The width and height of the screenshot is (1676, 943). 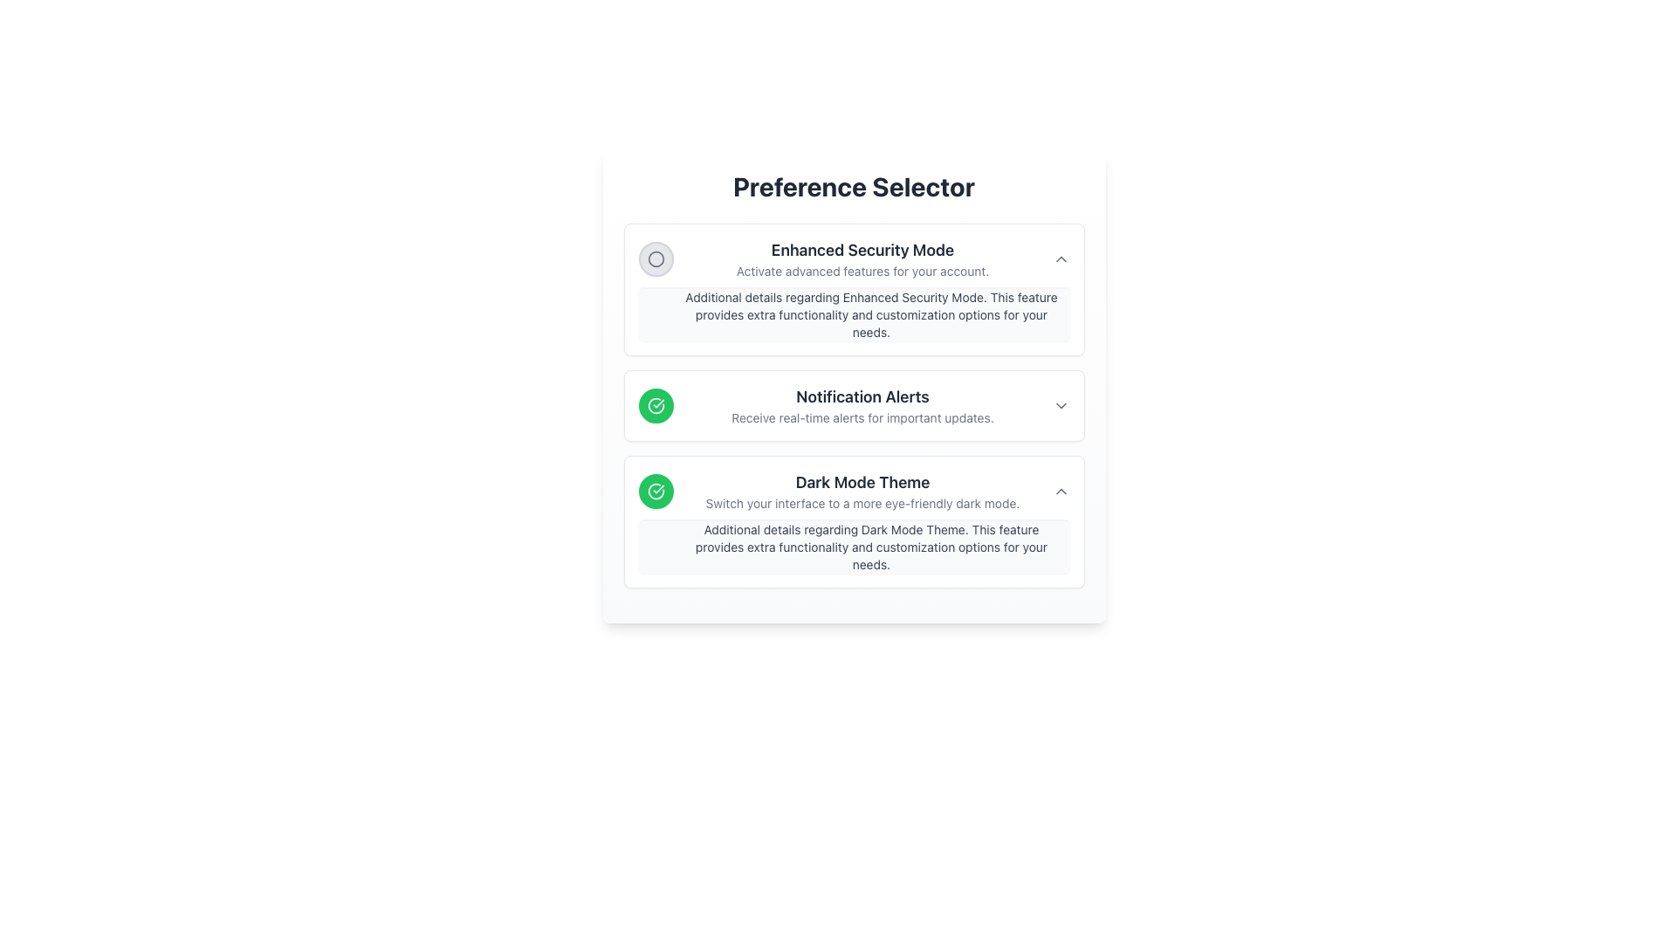 I want to click on the bold, centrally-aligned text reading 'Preference Selector', which is prominently displayed at the top center of a card-like layout, so click(x=854, y=186).